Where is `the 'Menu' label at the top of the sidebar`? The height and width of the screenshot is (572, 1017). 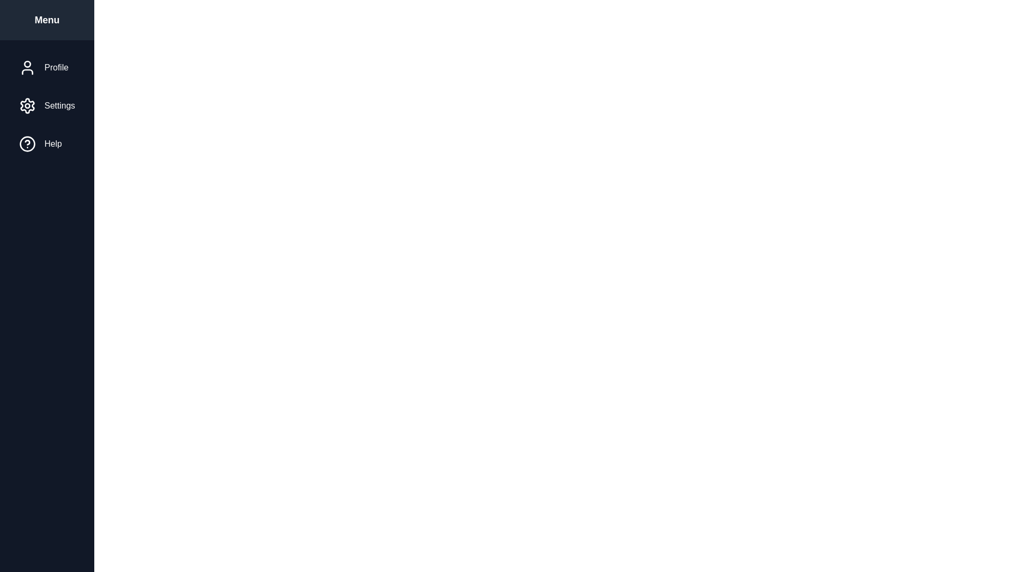
the 'Menu' label at the top of the sidebar is located at coordinates (46, 20).